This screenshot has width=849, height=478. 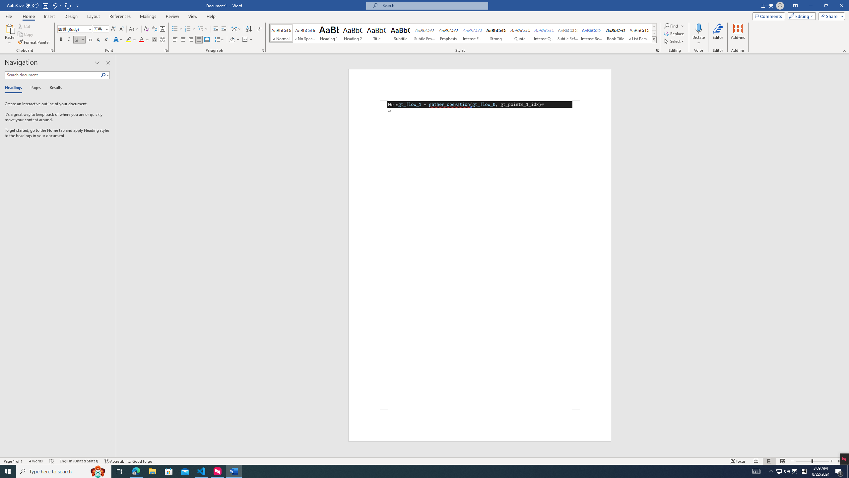 I want to click on 'Spelling and Grammar Check Errors', so click(x=51, y=461).